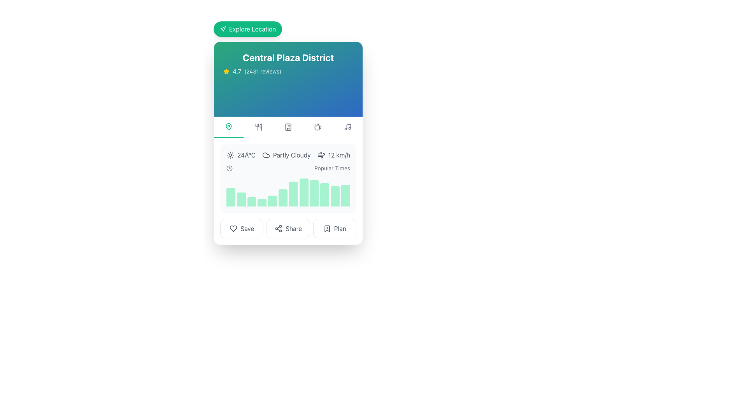 The width and height of the screenshot is (747, 420). What do you see at coordinates (230, 155) in the screenshot?
I see `the sun icon that visually represents sunny weather, located leftmost in the horizontal layout near the '24°C' text` at bounding box center [230, 155].